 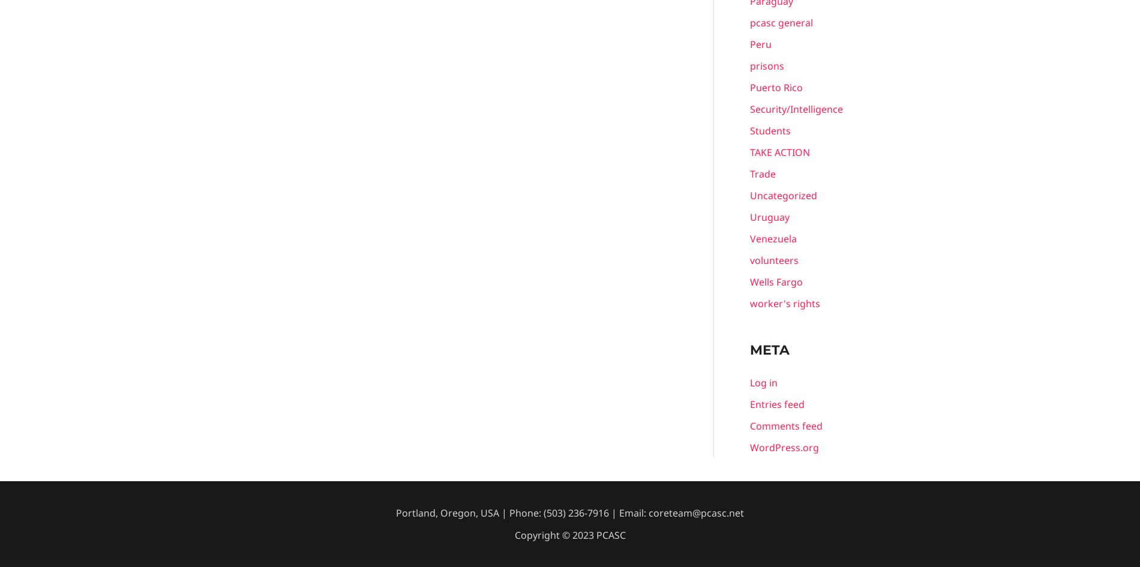 What do you see at coordinates (760, 43) in the screenshot?
I see `'Peru'` at bounding box center [760, 43].